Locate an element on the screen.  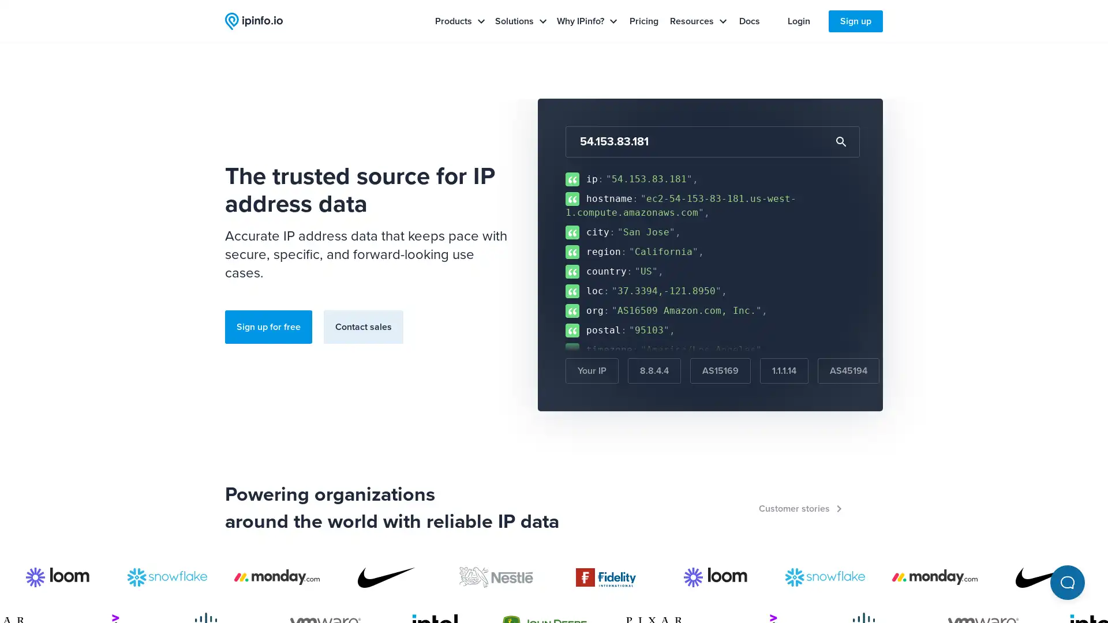
AS45194 is located at coordinates (848, 371).